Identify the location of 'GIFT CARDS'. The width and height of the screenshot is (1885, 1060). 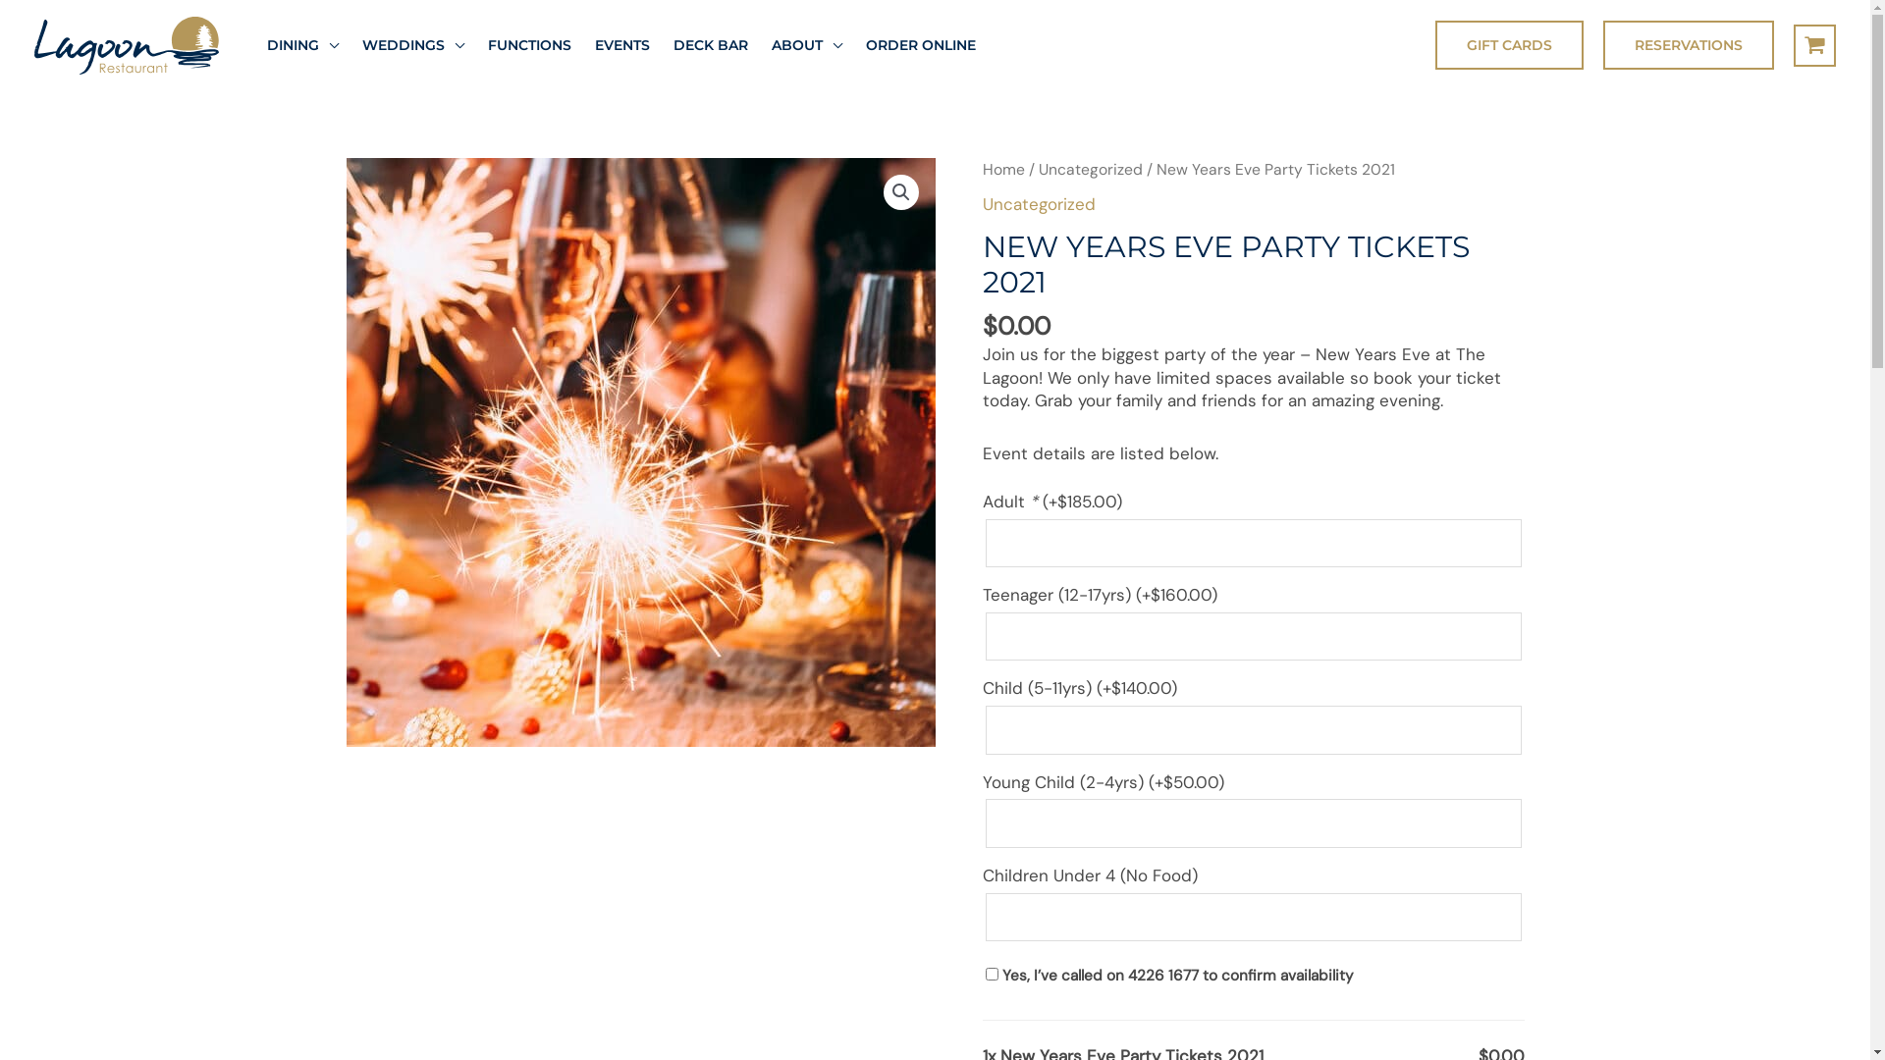
(1508, 44).